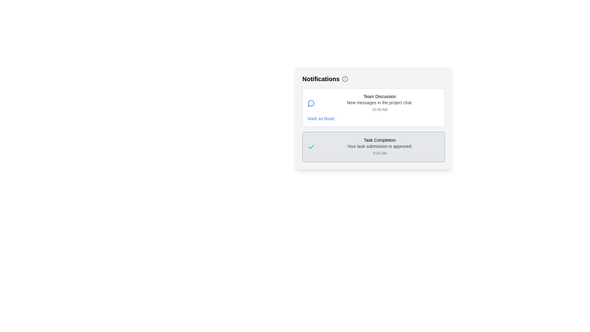 Image resolution: width=590 pixels, height=332 pixels. I want to click on the notification labeled 'Team Discussion', so click(380, 103).